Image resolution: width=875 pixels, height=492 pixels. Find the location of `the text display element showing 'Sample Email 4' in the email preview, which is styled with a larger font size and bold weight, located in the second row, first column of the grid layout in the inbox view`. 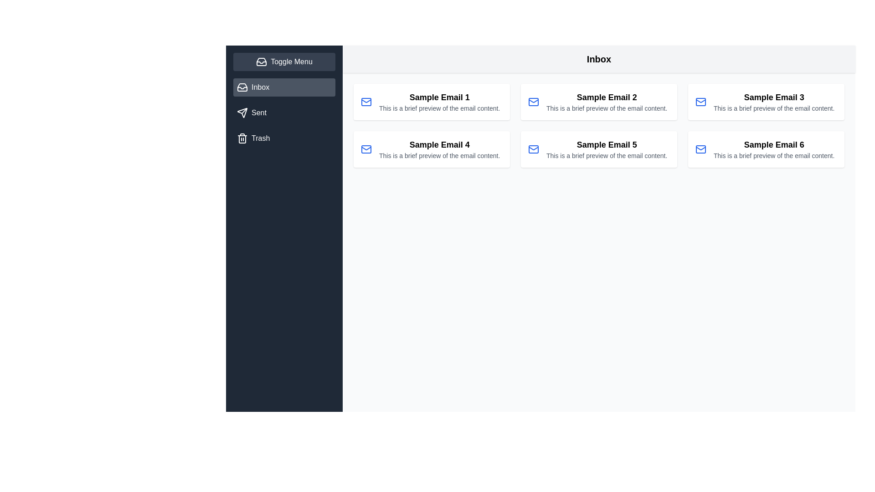

the text display element showing 'Sample Email 4' in the email preview, which is styled with a larger font size and bold weight, located in the second row, first column of the grid layout in the inbox view is located at coordinates (439, 144).